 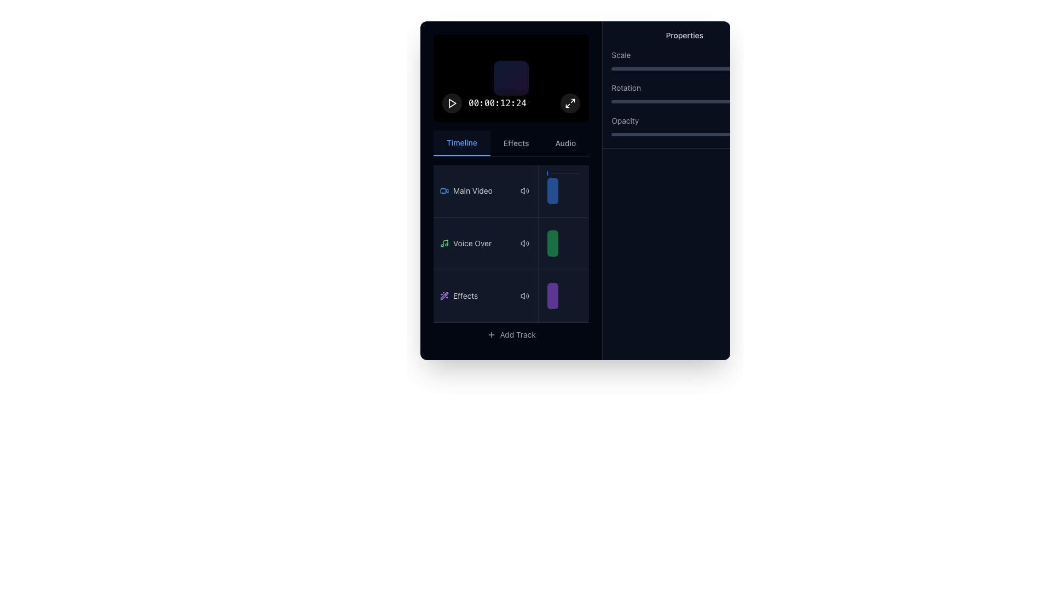 I want to click on timestamp displayed in a monospaced font style next to the circular play button located near the top-left corner of the interface, so click(x=483, y=103).